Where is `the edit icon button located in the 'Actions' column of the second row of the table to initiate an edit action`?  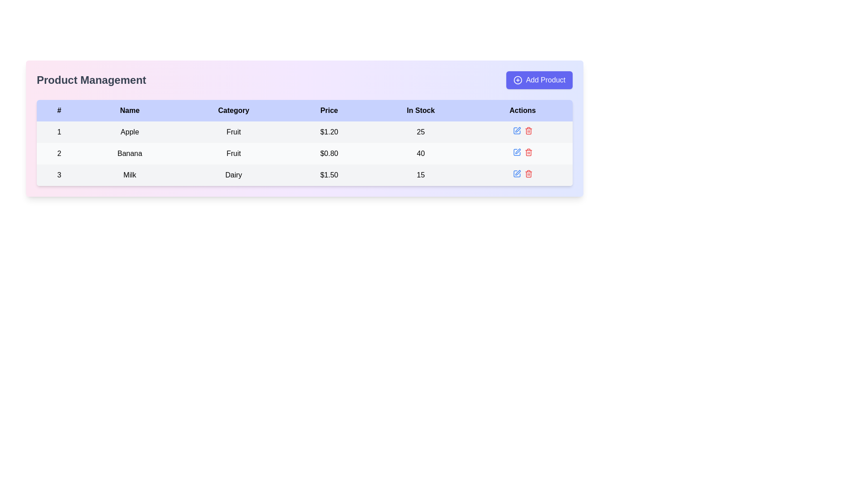
the edit icon button located in the 'Actions' column of the second row of the table to initiate an edit action is located at coordinates (517, 151).